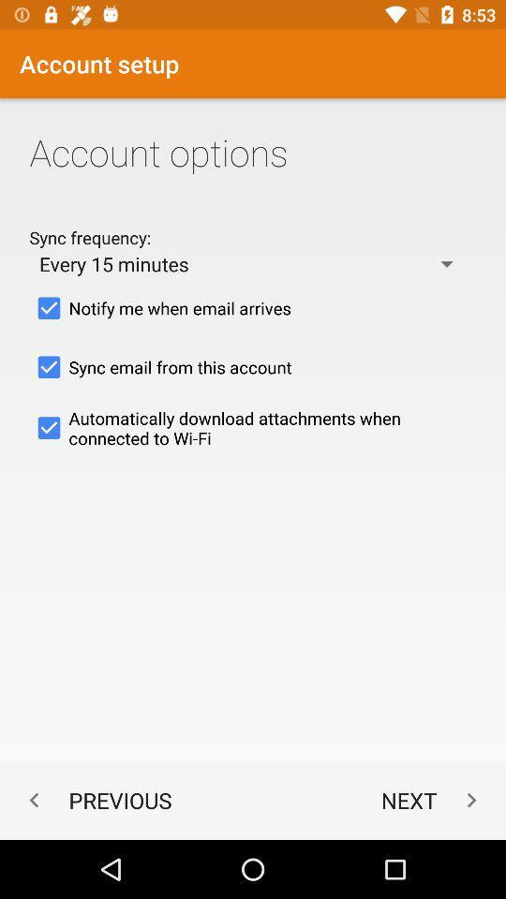  I want to click on the previous at the bottom left corner, so click(96, 799).